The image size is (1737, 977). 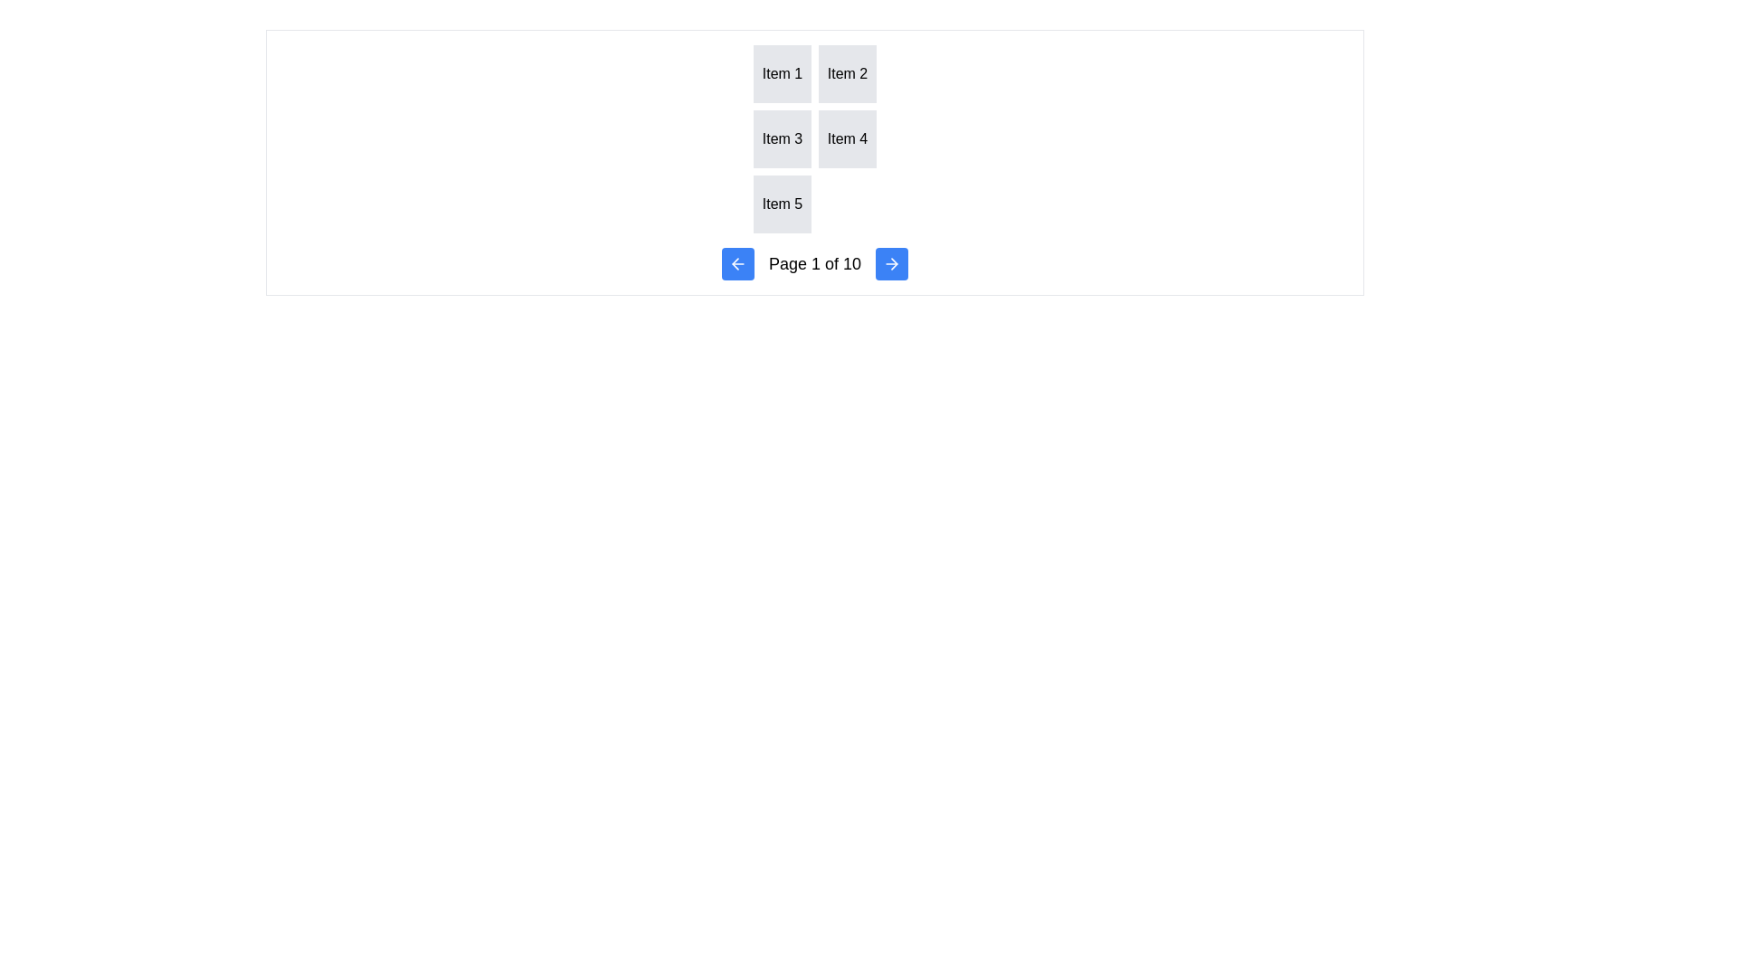 What do you see at coordinates (782, 72) in the screenshot?
I see `the grid item styled as a box with centered text reading 'Item 1', located in the top-left corner of the grid` at bounding box center [782, 72].